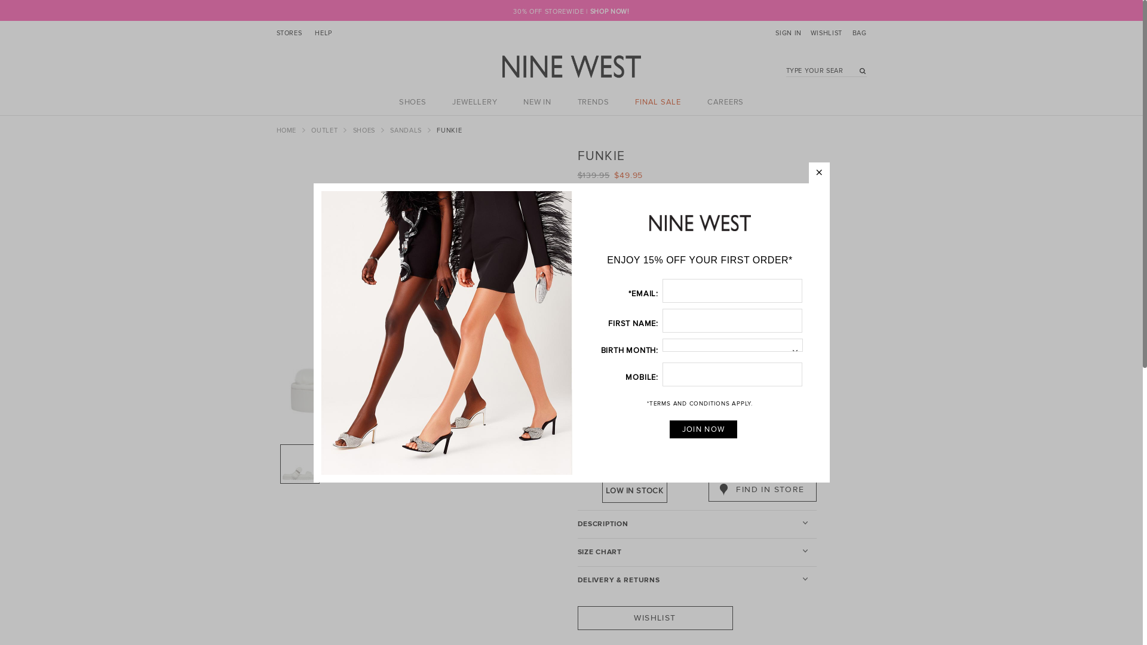 This screenshot has width=1147, height=645. I want to click on 'FUNKIE  IVORY', so click(421, 294).